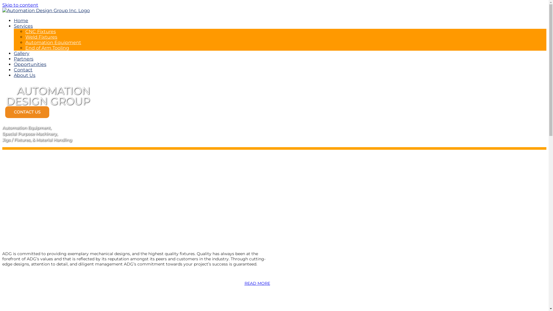  I want to click on 'Home', so click(21, 20).